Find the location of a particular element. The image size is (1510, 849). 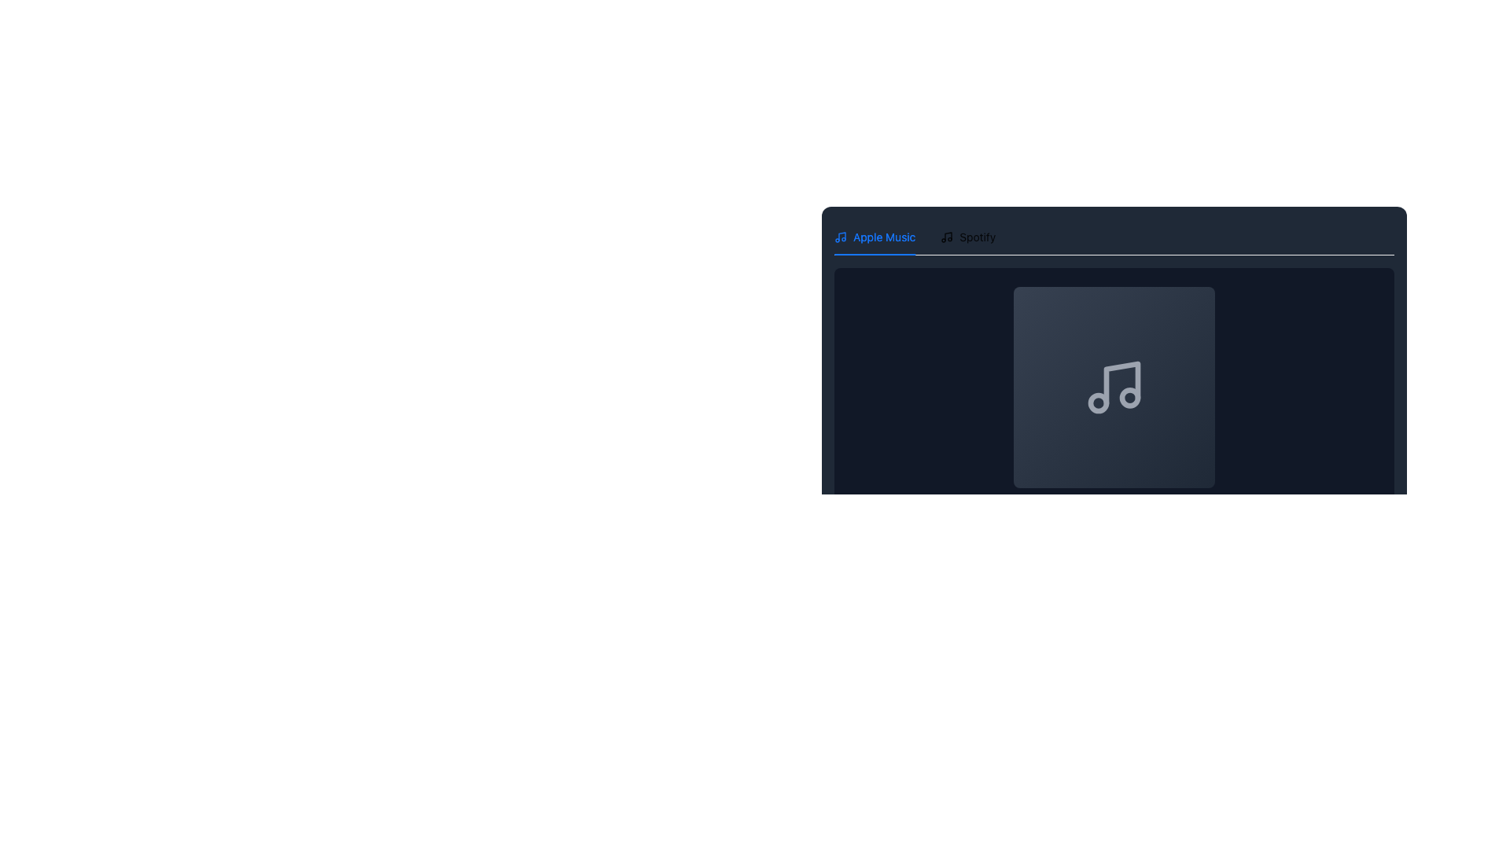

the 'Apple Music' tab in the horizontal navigation is located at coordinates (874, 237).